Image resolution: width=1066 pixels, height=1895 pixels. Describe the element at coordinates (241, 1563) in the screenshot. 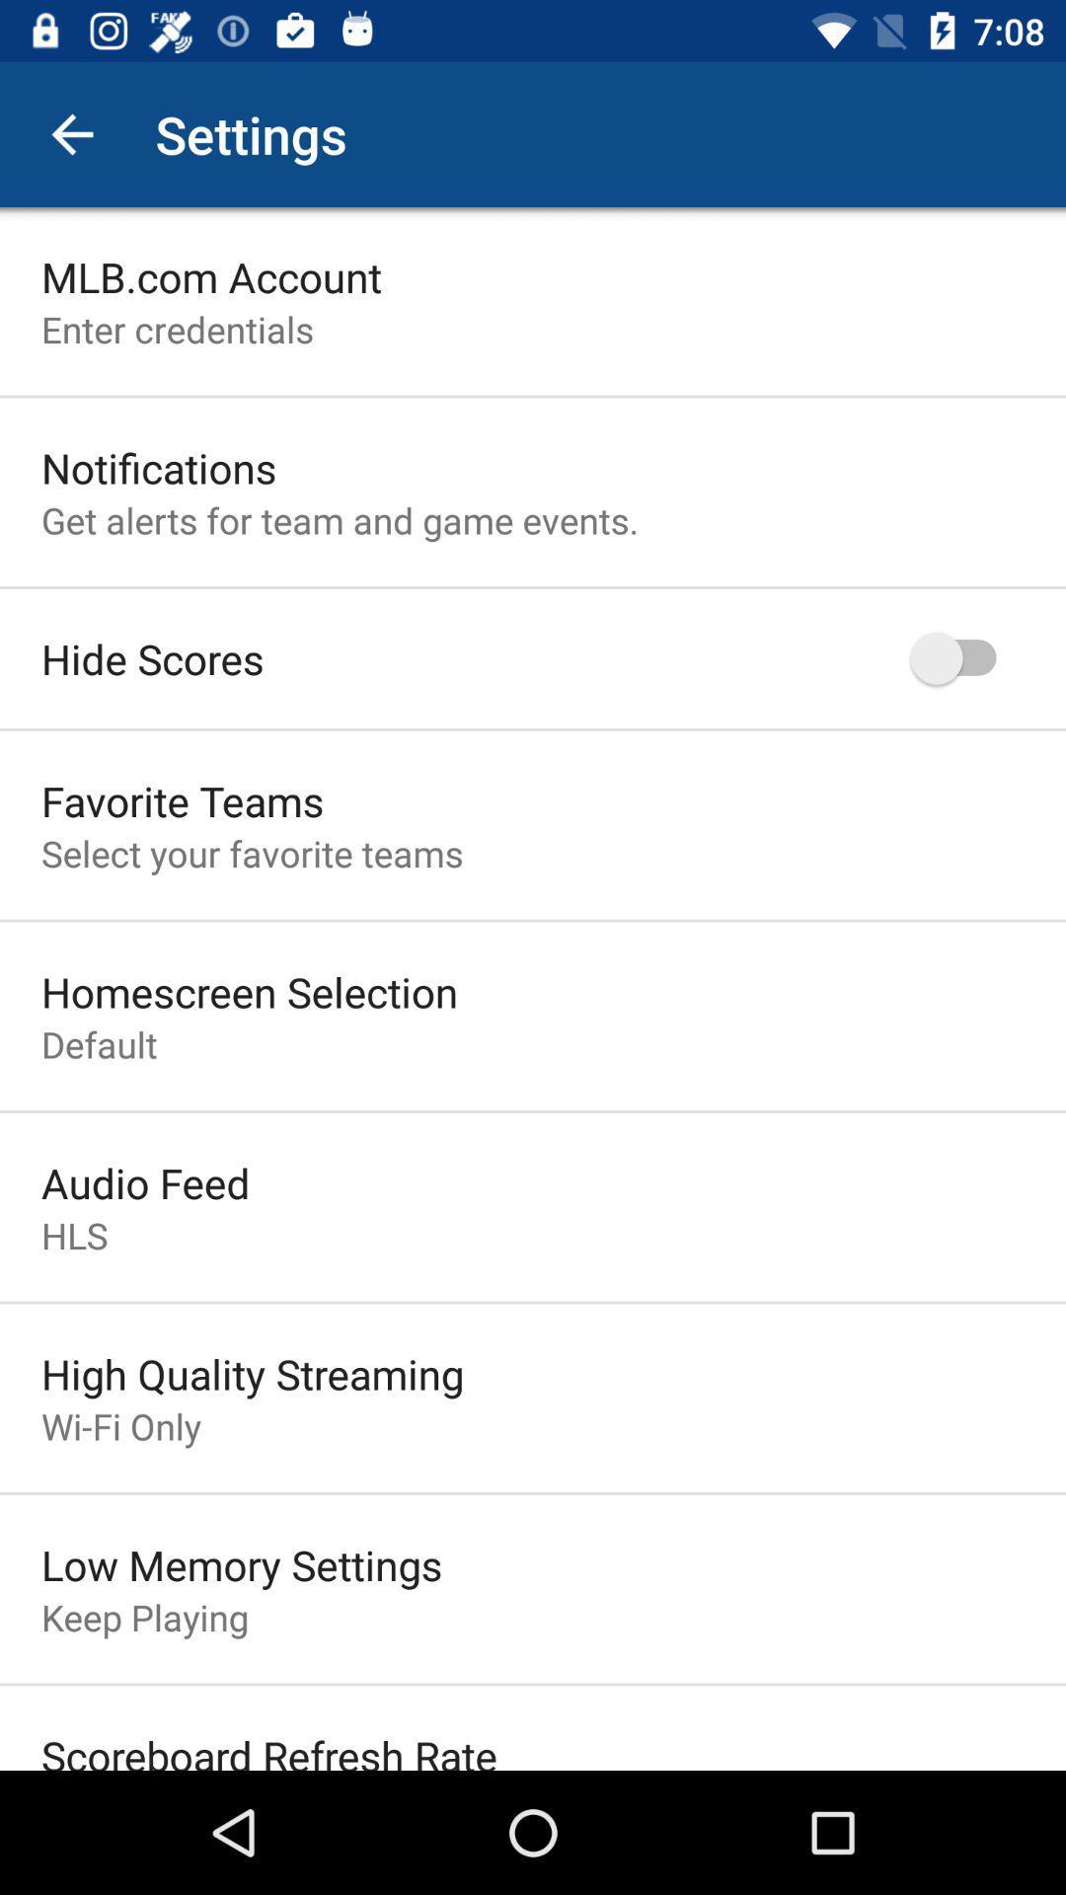

I see `the item below wi-fi only item` at that location.